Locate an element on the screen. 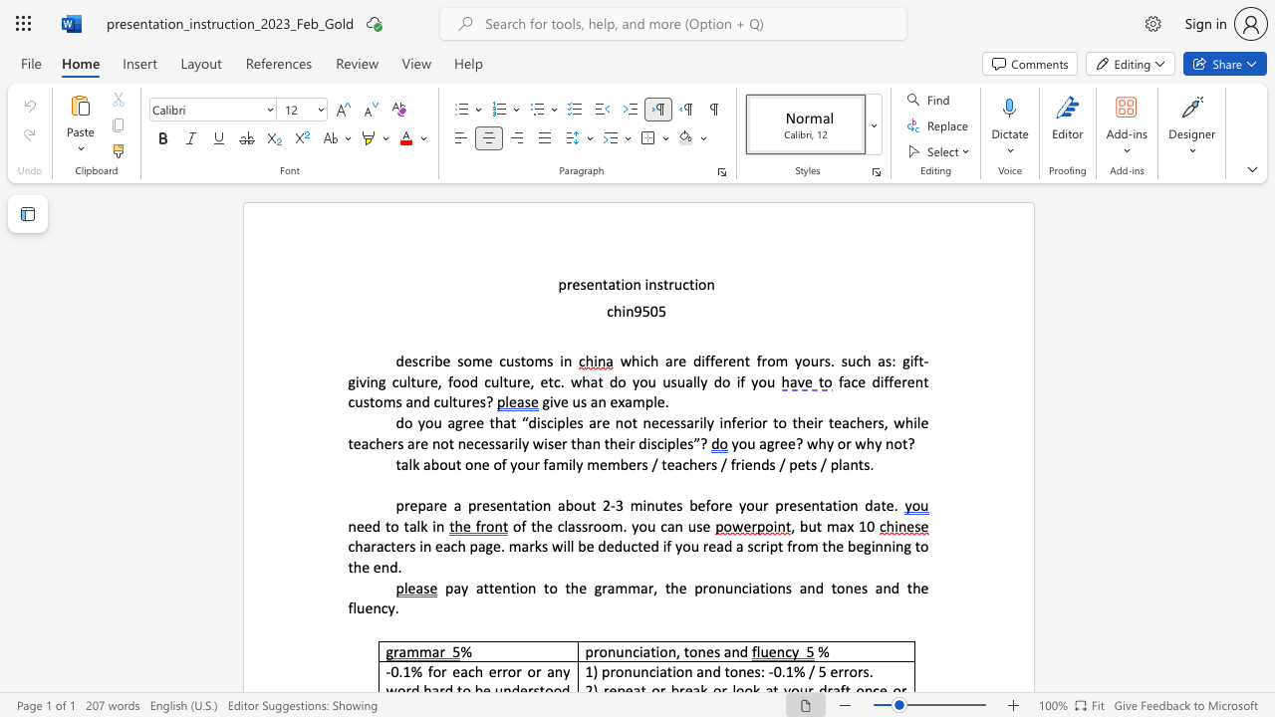 The height and width of the screenshot is (717, 1275). the subset text "ters in each page. marks will be deducted if you read a script from th" within the text "characters in each page. marks will be deducted if you read a script from the beginning to the end." is located at coordinates (390, 546).